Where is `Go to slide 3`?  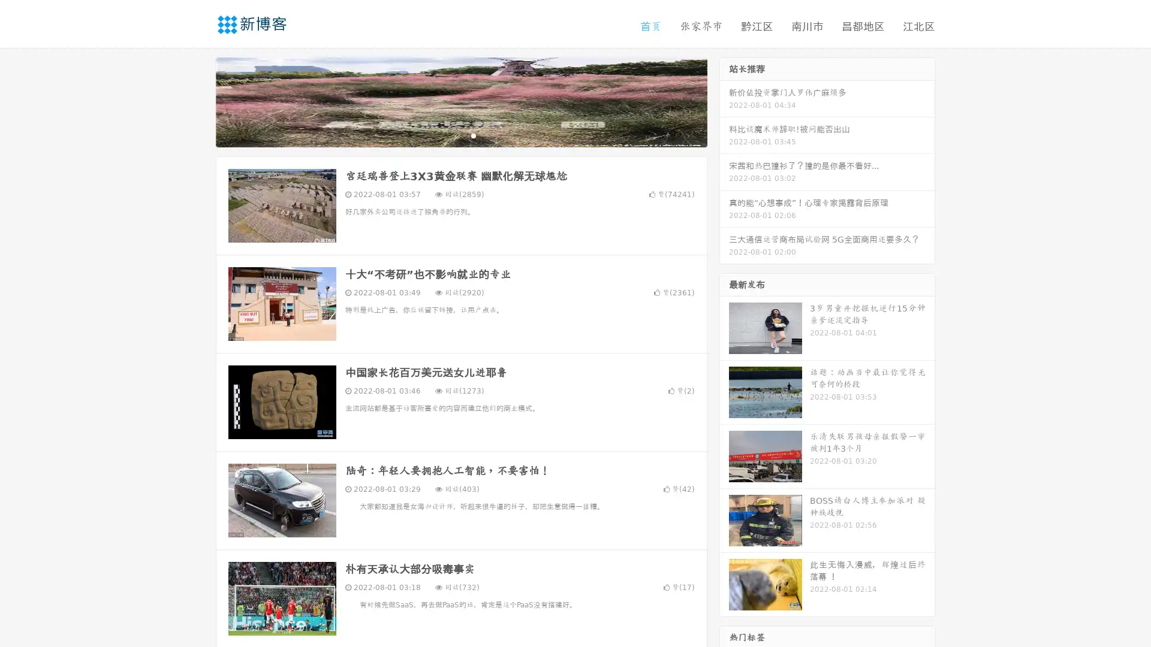
Go to slide 3 is located at coordinates (473, 135).